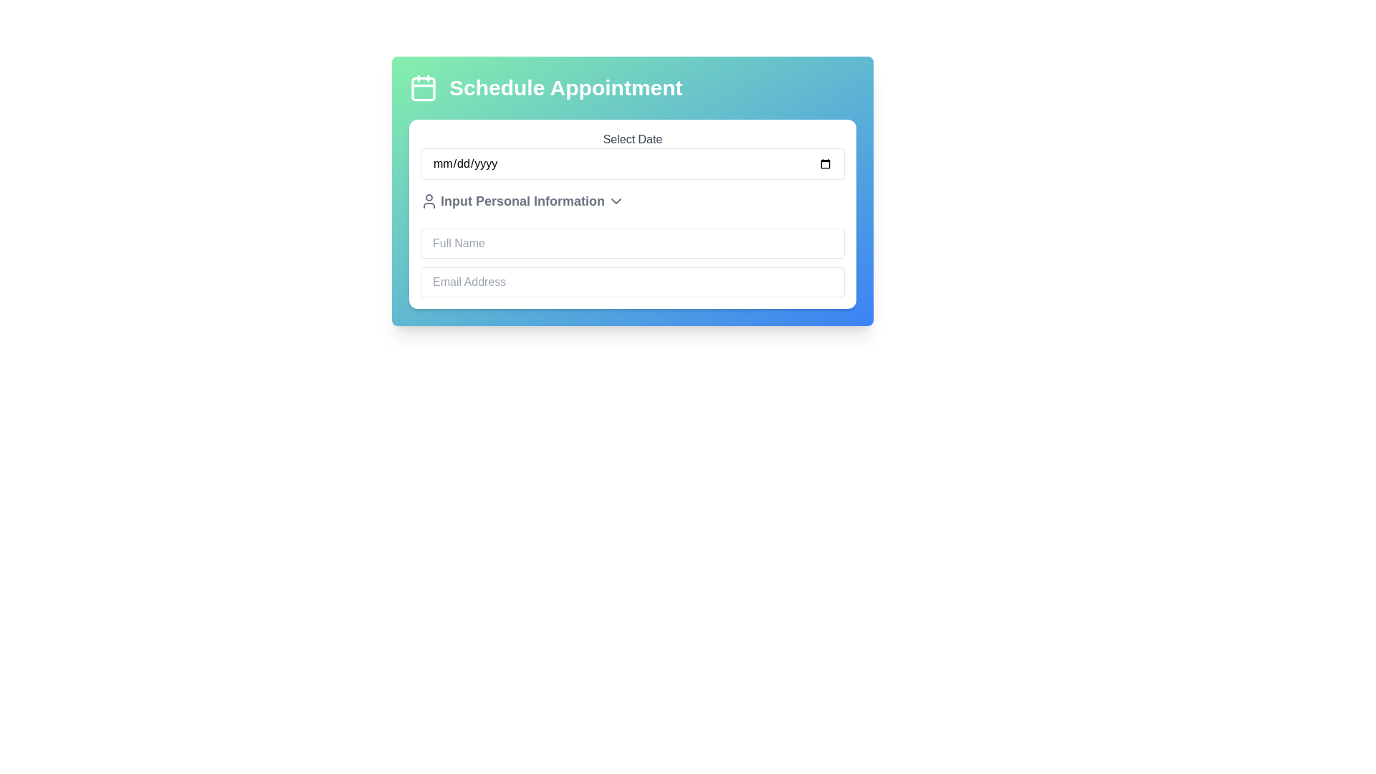 The image size is (1376, 774). Describe the element at coordinates (616, 201) in the screenshot. I see `the chevron down icon` at that location.